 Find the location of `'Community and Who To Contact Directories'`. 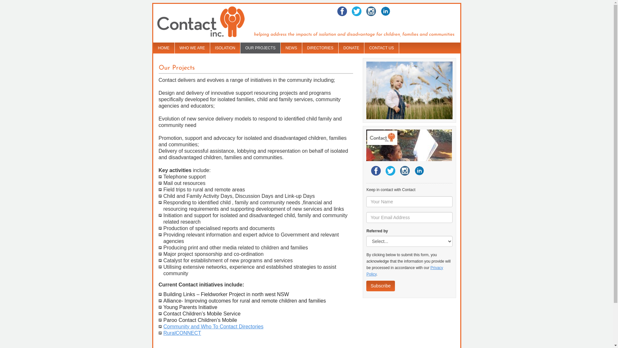

'Community and Who To Contact Directories' is located at coordinates (164, 326).